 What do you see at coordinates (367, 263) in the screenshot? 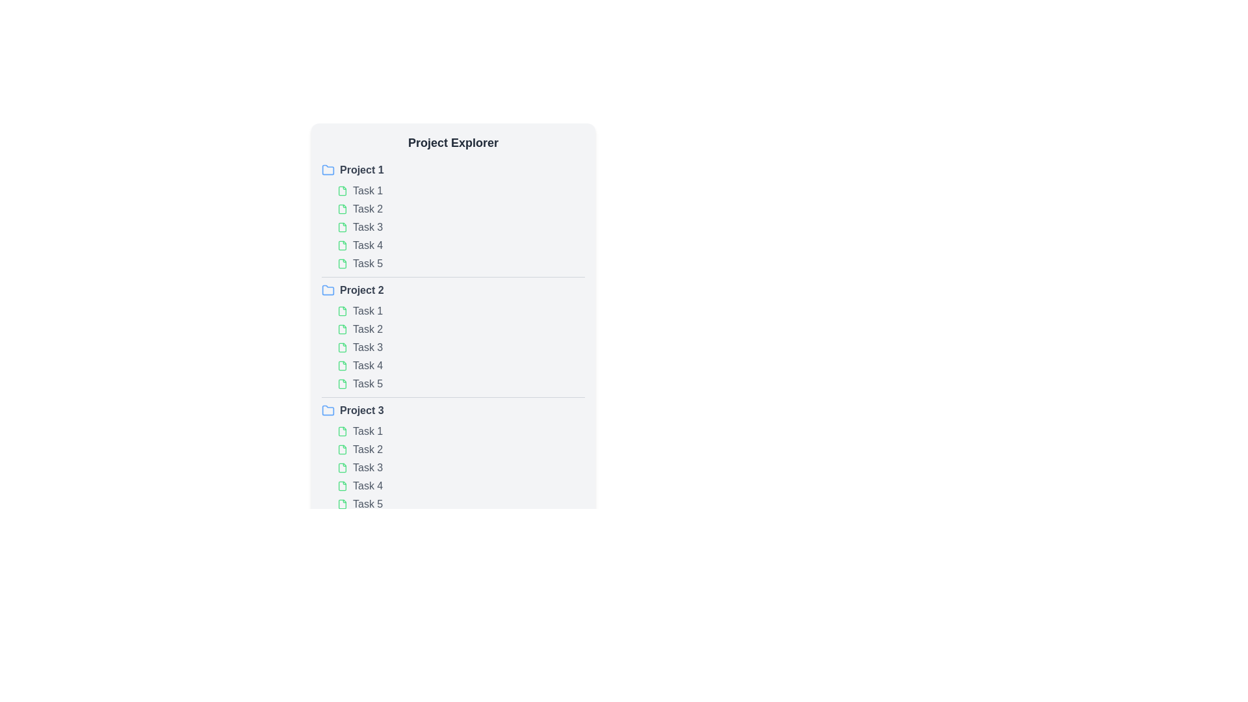
I see `the text label displaying 'Task 5'` at bounding box center [367, 263].